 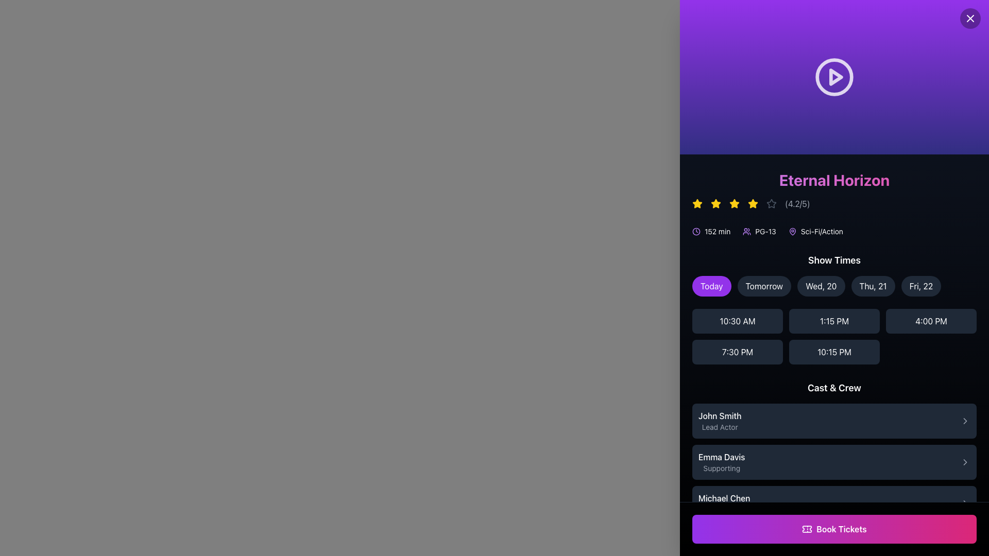 What do you see at coordinates (964, 503) in the screenshot?
I see `the Chevron arrow icon, a small rightward-pointing arrow styled as a simple vector graphic in a gray tone, located in the lower right section of the interface` at bounding box center [964, 503].